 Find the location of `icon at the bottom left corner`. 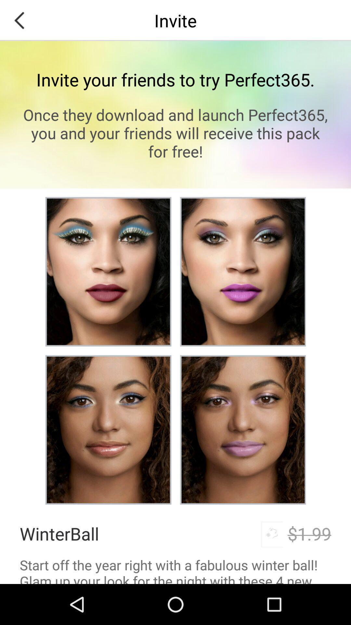

icon at the bottom left corner is located at coordinates (59, 534).